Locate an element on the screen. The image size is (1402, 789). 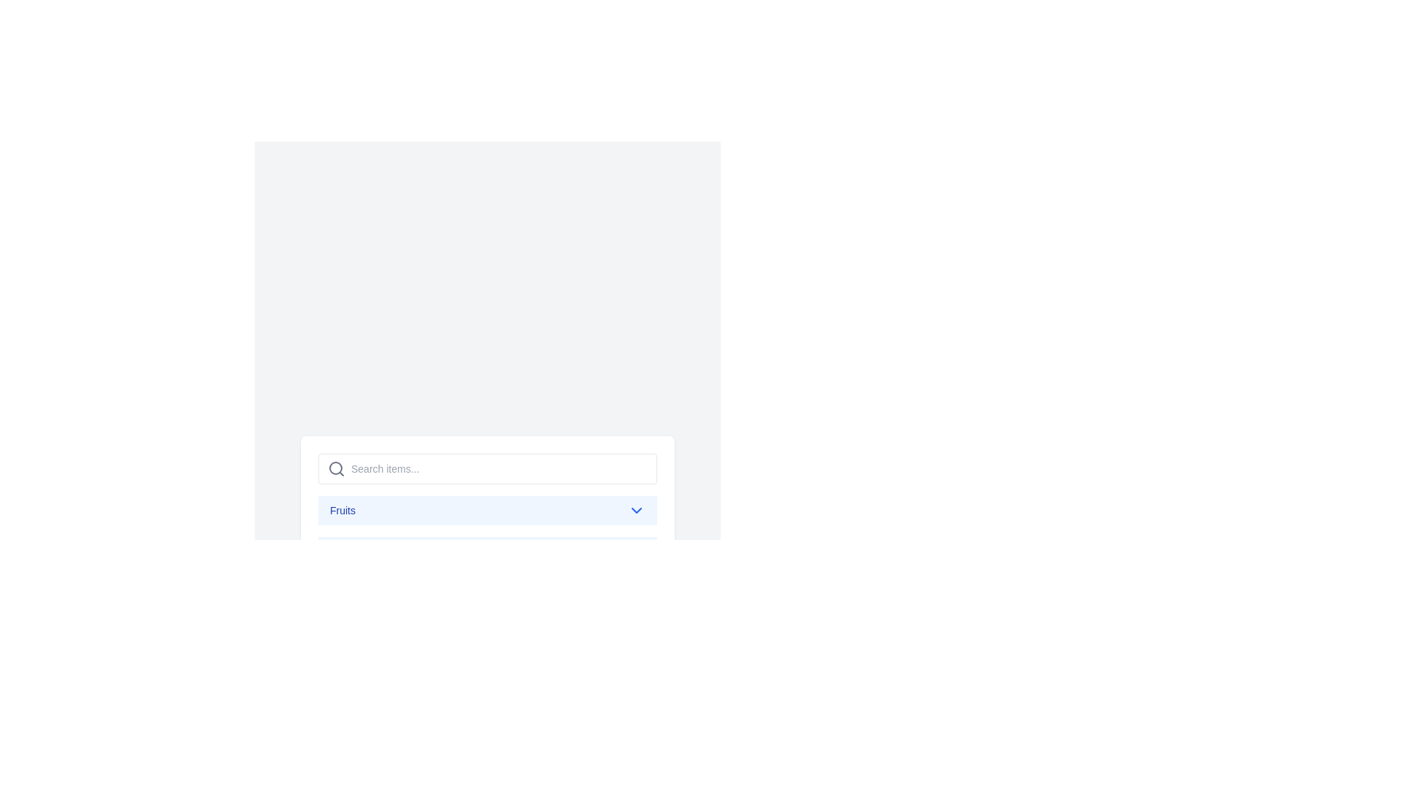
the circular part of the magnifying glass icon, which is styled as an outline and represents the search functionality, located at the left side of the search bar is located at coordinates (335, 468).